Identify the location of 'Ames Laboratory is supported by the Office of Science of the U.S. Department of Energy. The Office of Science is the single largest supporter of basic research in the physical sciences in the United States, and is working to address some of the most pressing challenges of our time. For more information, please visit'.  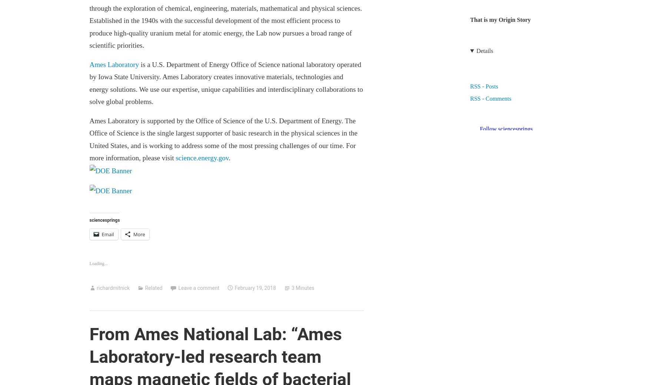
(89, 138).